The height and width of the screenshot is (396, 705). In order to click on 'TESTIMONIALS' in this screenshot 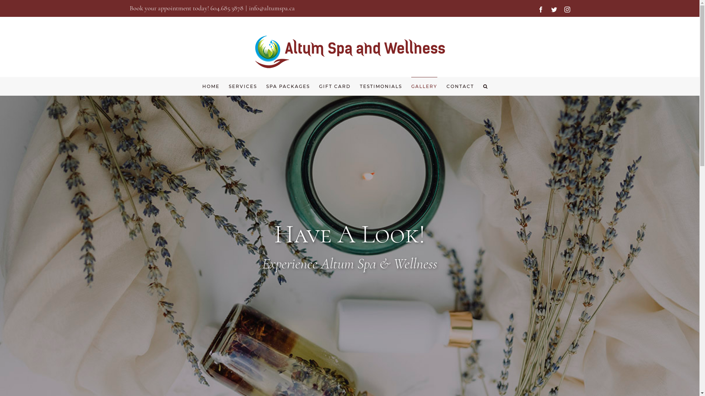, I will do `click(381, 86)`.